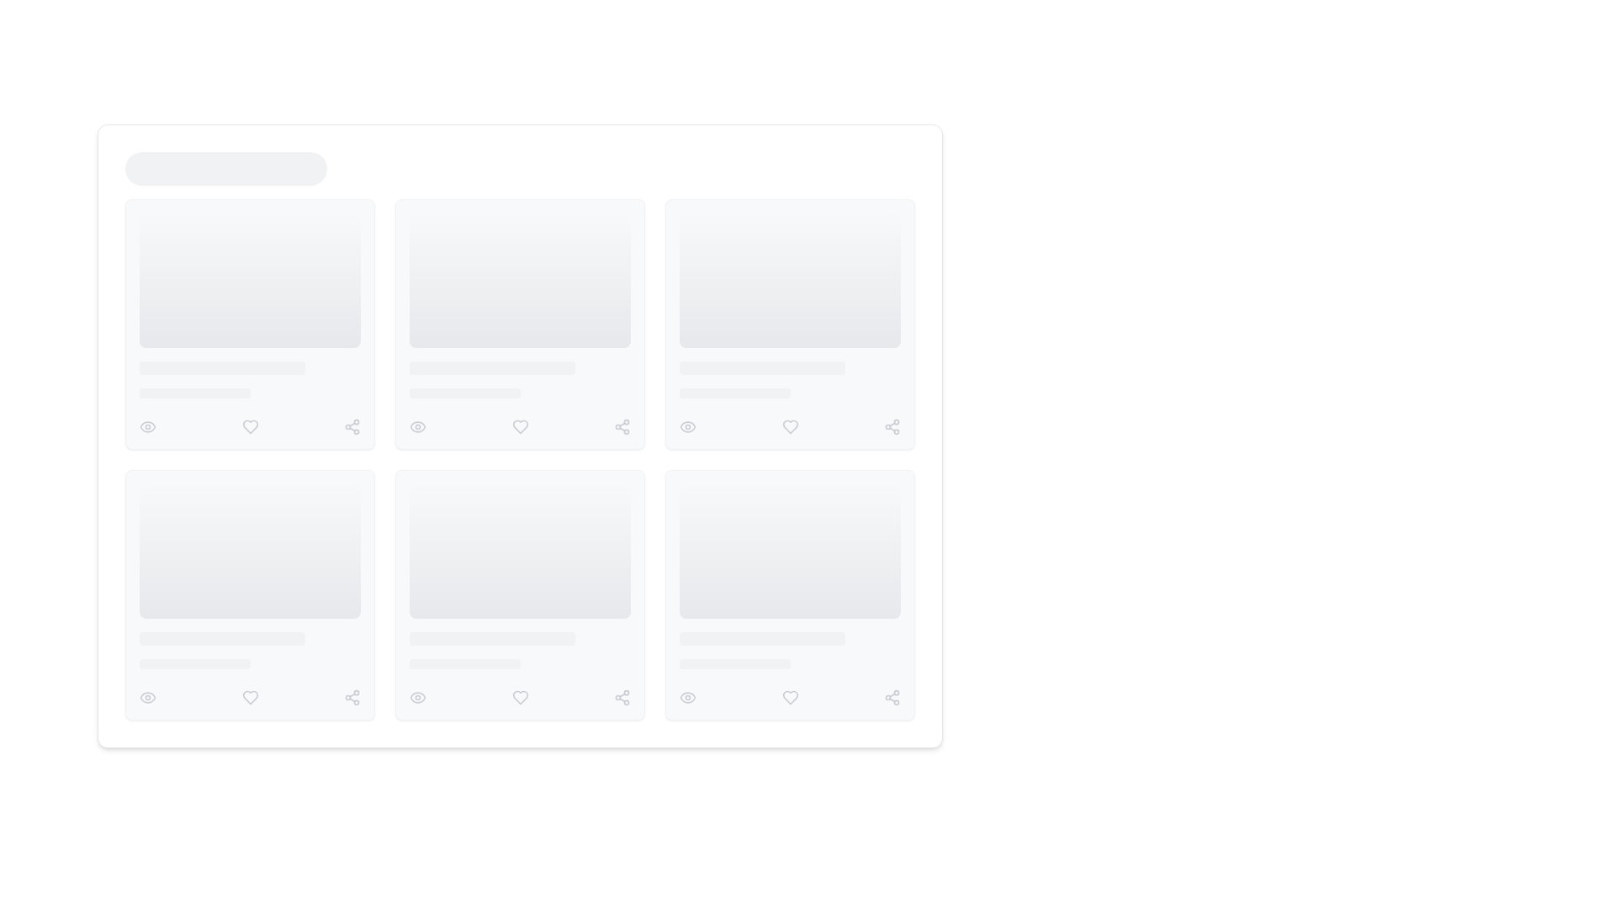 The width and height of the screenshot is (1615, 908). I want to click on the Placeholder/Loading Card, which is the second card in the first row of a three-column grid layout, located in the central column, so click(519, 324).